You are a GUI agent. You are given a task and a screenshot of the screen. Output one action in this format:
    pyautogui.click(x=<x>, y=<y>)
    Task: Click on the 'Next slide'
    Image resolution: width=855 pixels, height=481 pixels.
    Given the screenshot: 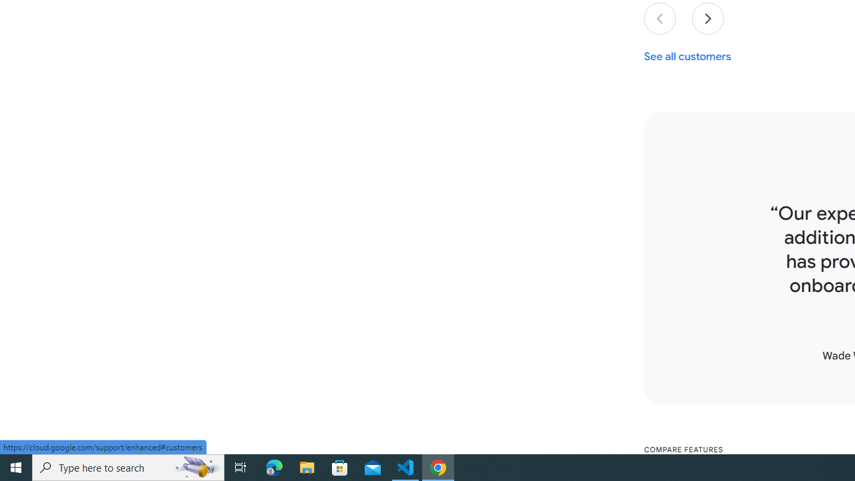 What is the action you would take?
    pyautogui.click(x=707, y=19)
    